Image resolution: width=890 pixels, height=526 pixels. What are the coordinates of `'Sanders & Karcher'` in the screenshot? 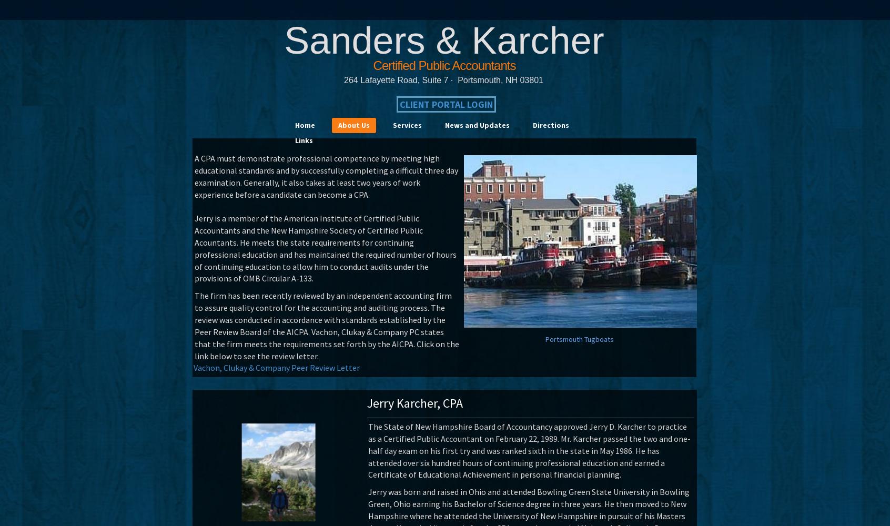 It's located at (443, 40).